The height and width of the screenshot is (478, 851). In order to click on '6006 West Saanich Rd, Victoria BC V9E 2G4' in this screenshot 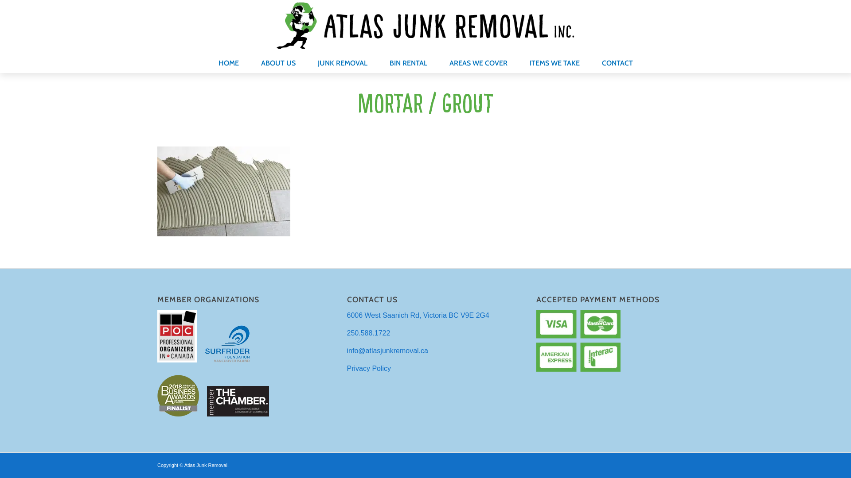, I will do `click(418, 315)`.